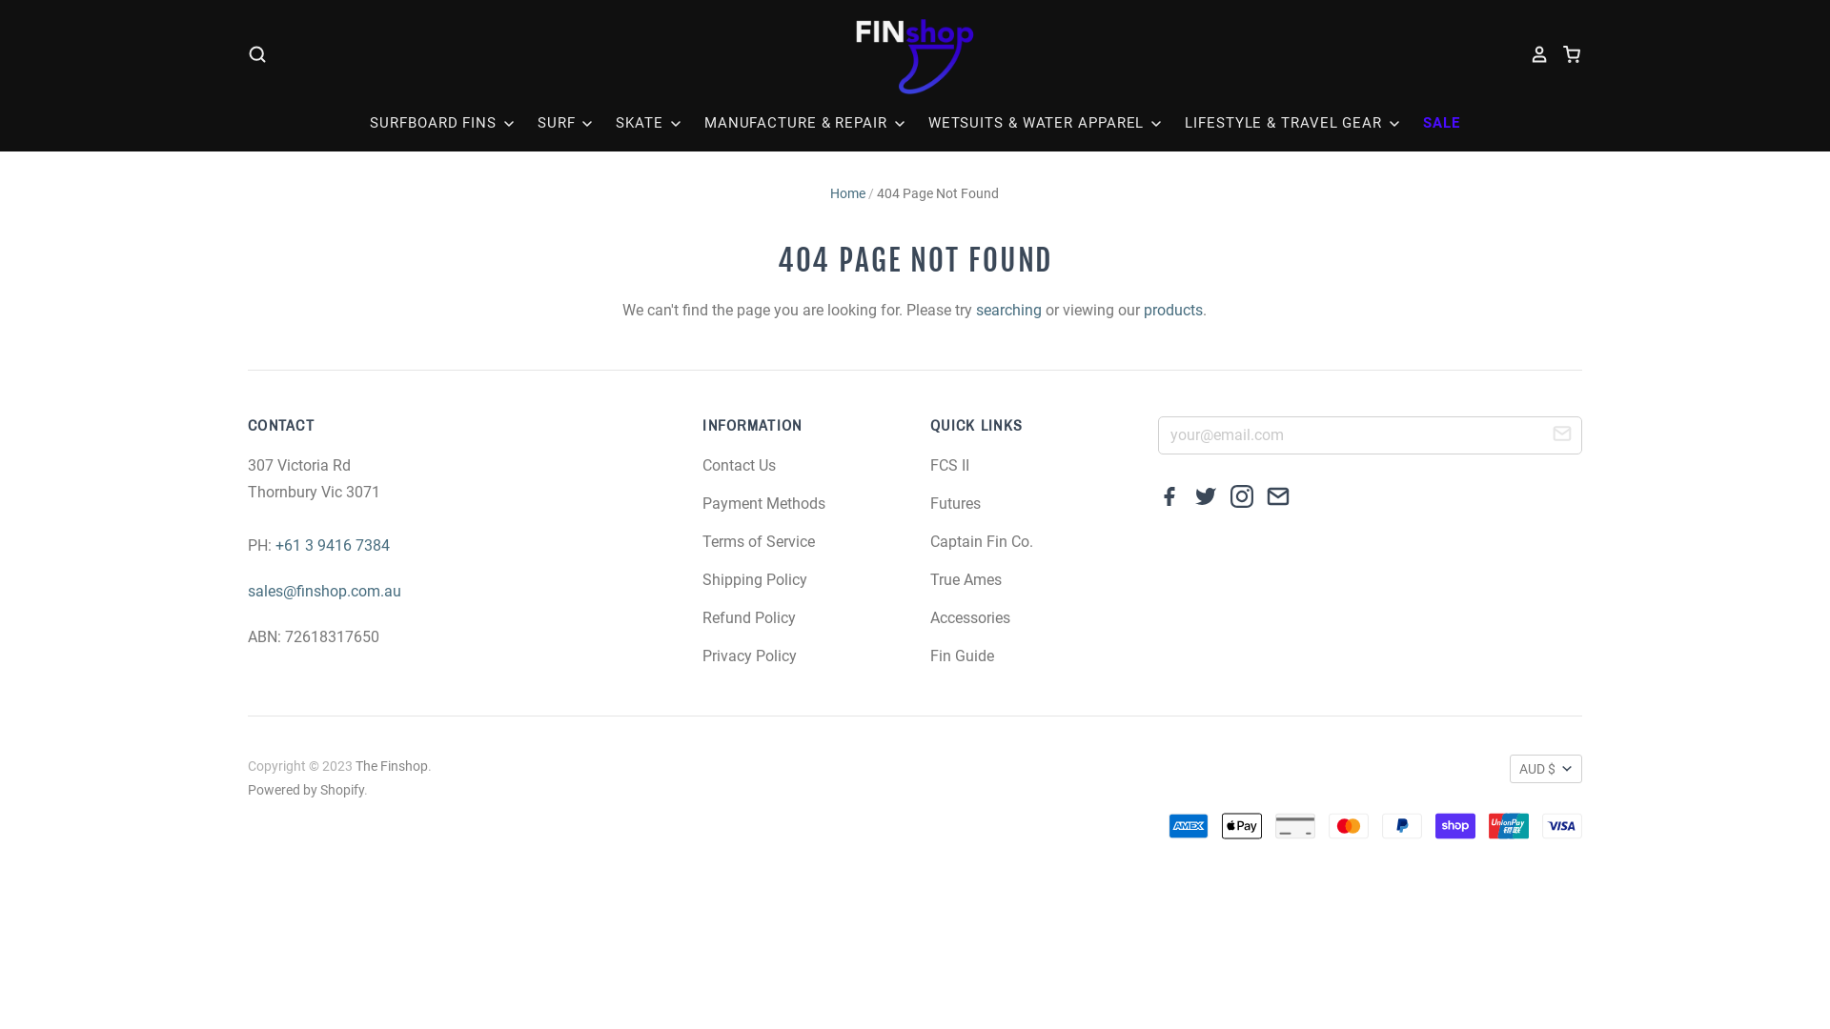 The image size is (1830, 1029). Describe the element at coordinates (748, 617) in the screenshot. I see `'Refund Policy'` at that location.